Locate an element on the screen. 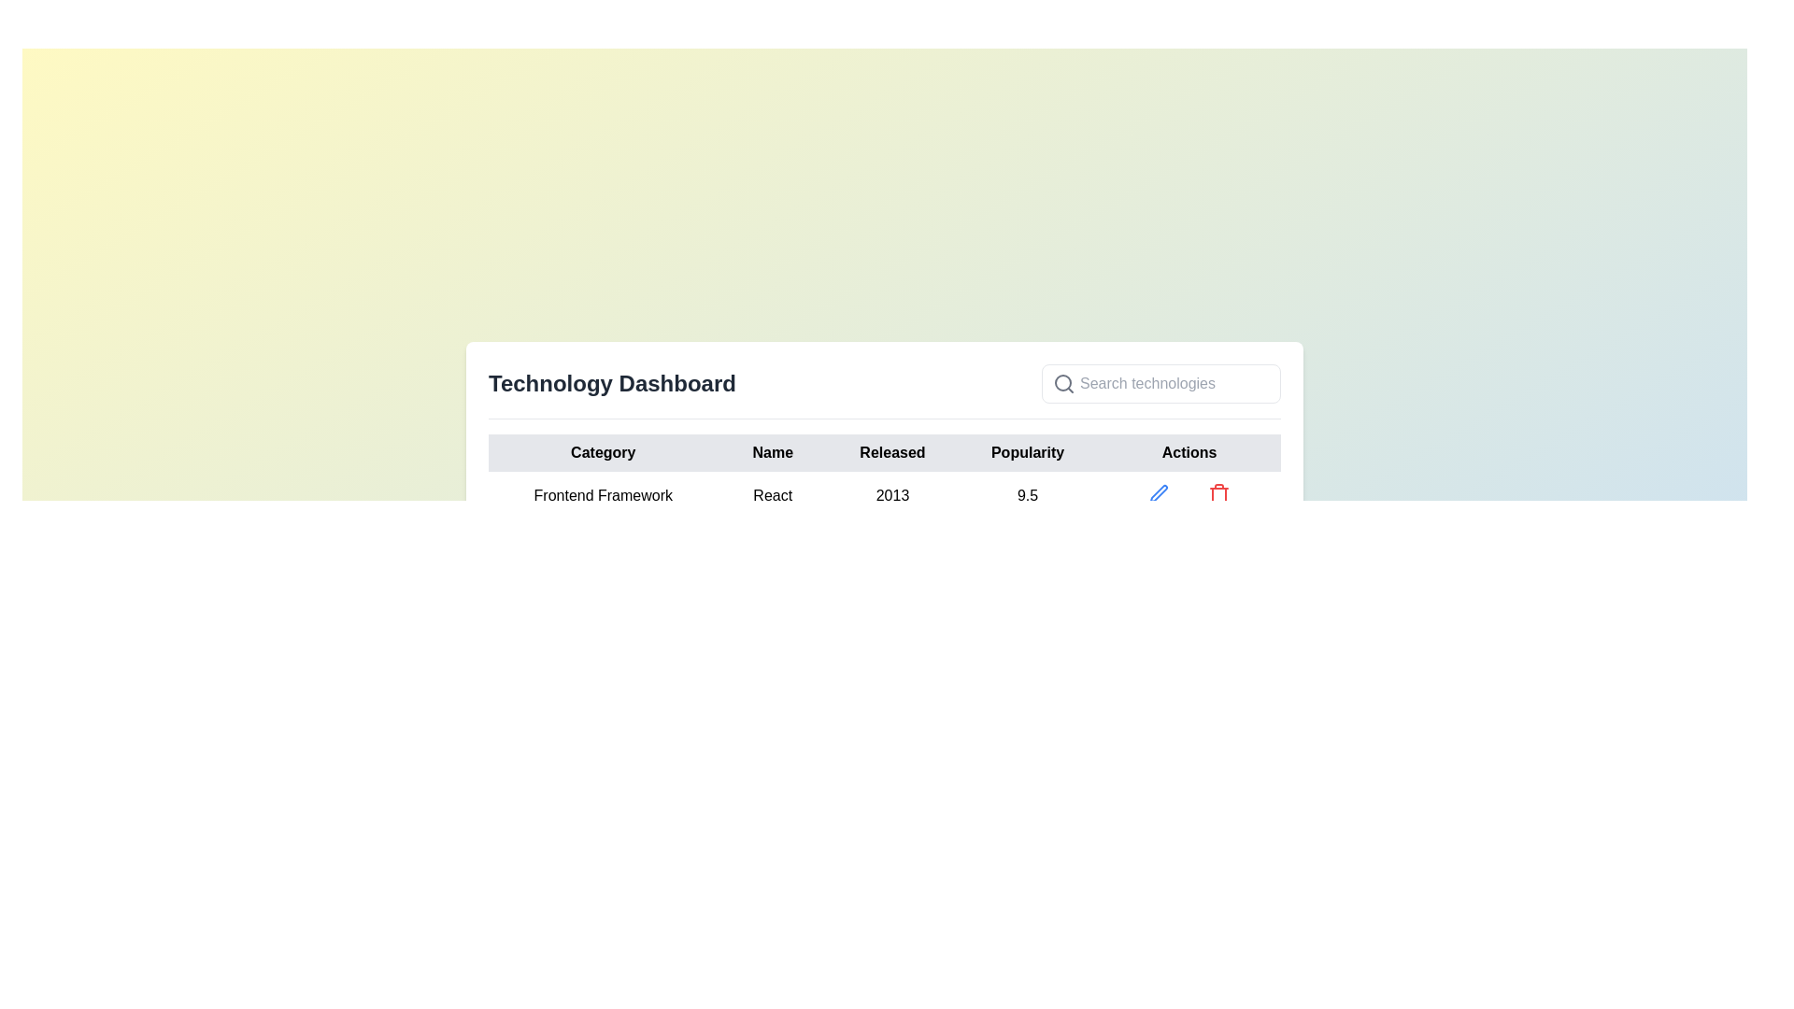  the input box associated with the magnifying glass icon represented by the SVG circle element located at the left side of the search bar is located at coordinates (1062, 381).